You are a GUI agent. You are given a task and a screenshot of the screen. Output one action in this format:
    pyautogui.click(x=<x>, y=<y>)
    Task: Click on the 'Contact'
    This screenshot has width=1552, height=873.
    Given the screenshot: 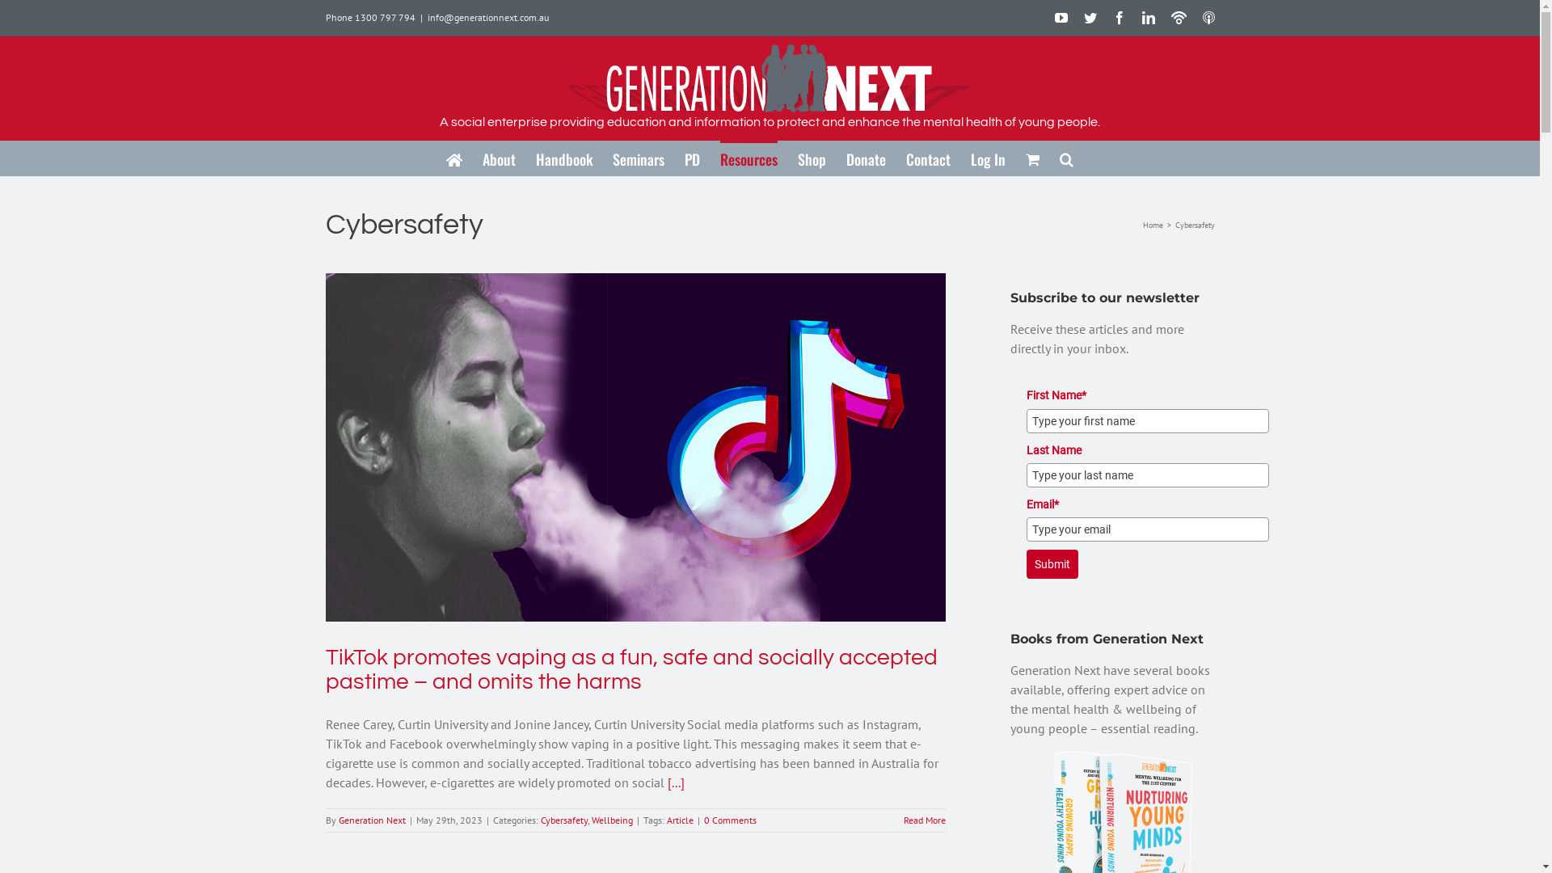 What is the action you would take?
    pyautogui.click(x=928, y=158)
    